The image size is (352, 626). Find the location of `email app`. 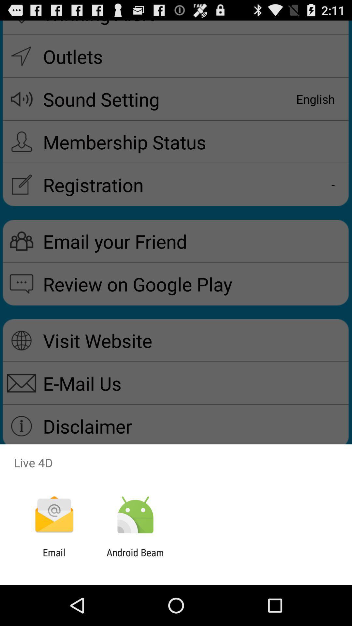

email app is located at coordinates (54, 558).